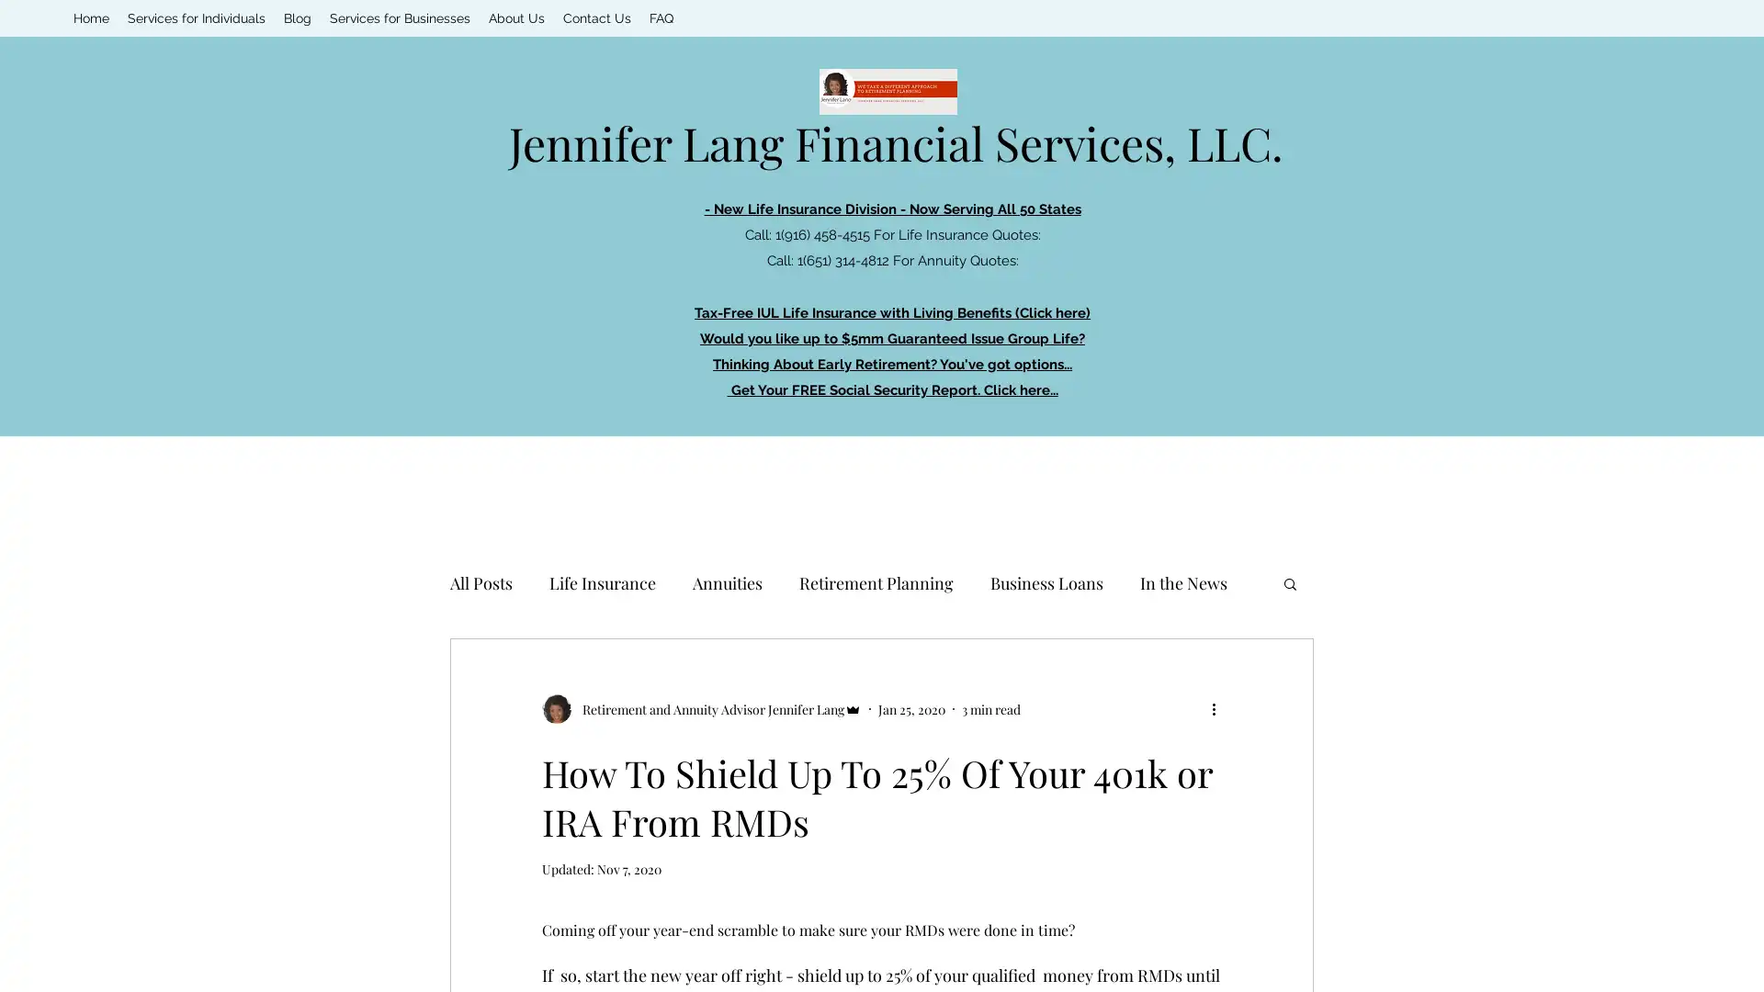  Describe the element at coordinates (1219, 707) in the screenshot. I see `More actions` at that location.